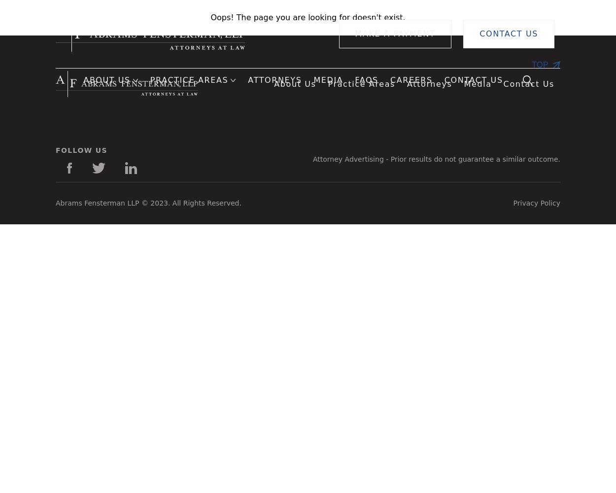 This screenshot has height=493, width=616. I want to click on 'Follow Us', so click(81, 150).